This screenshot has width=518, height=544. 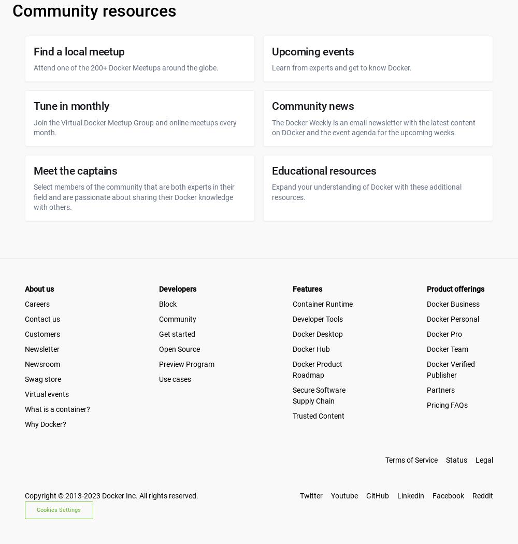 I want to click on 'Docker Verified Publisher', so click(x=450, y=369).